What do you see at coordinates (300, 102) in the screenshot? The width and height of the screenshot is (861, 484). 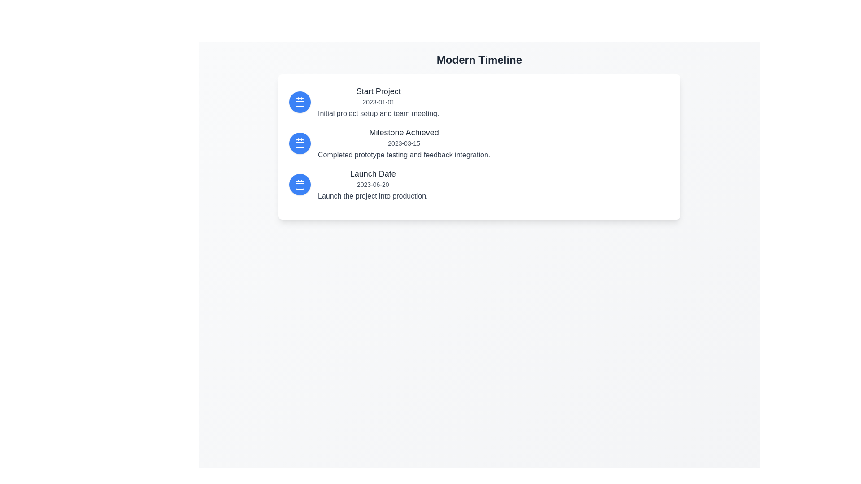 I see `the inner rectangle of the calendar icon that represents the first event in the timeline, located inside a blue circular button adjacent to the 'Start Project' label` at bounding box center [300, 102].